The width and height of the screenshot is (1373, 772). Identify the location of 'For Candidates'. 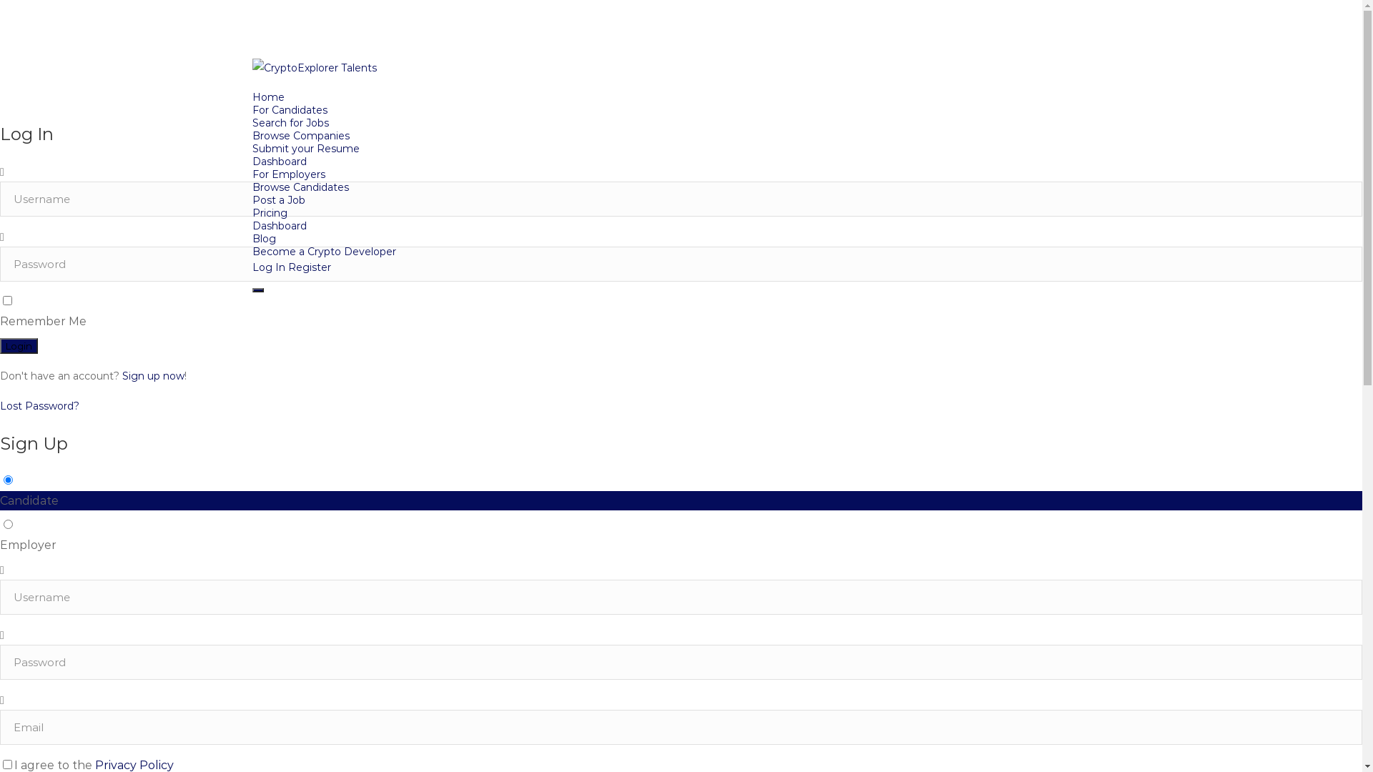
(288, 109).